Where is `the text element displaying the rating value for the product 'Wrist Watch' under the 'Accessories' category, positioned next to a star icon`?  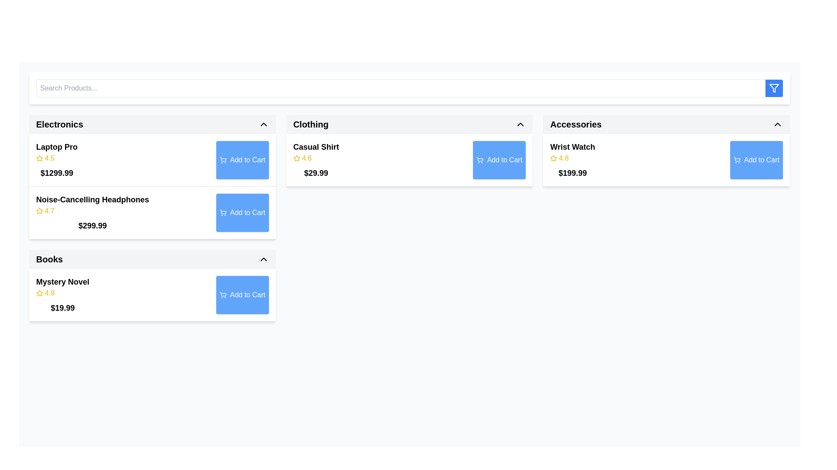
the text element displaying the rating value for the product 'Wrist Watch' under the 'Accessories' category, positioned next to a star icon is located at coordinates (564, 158).